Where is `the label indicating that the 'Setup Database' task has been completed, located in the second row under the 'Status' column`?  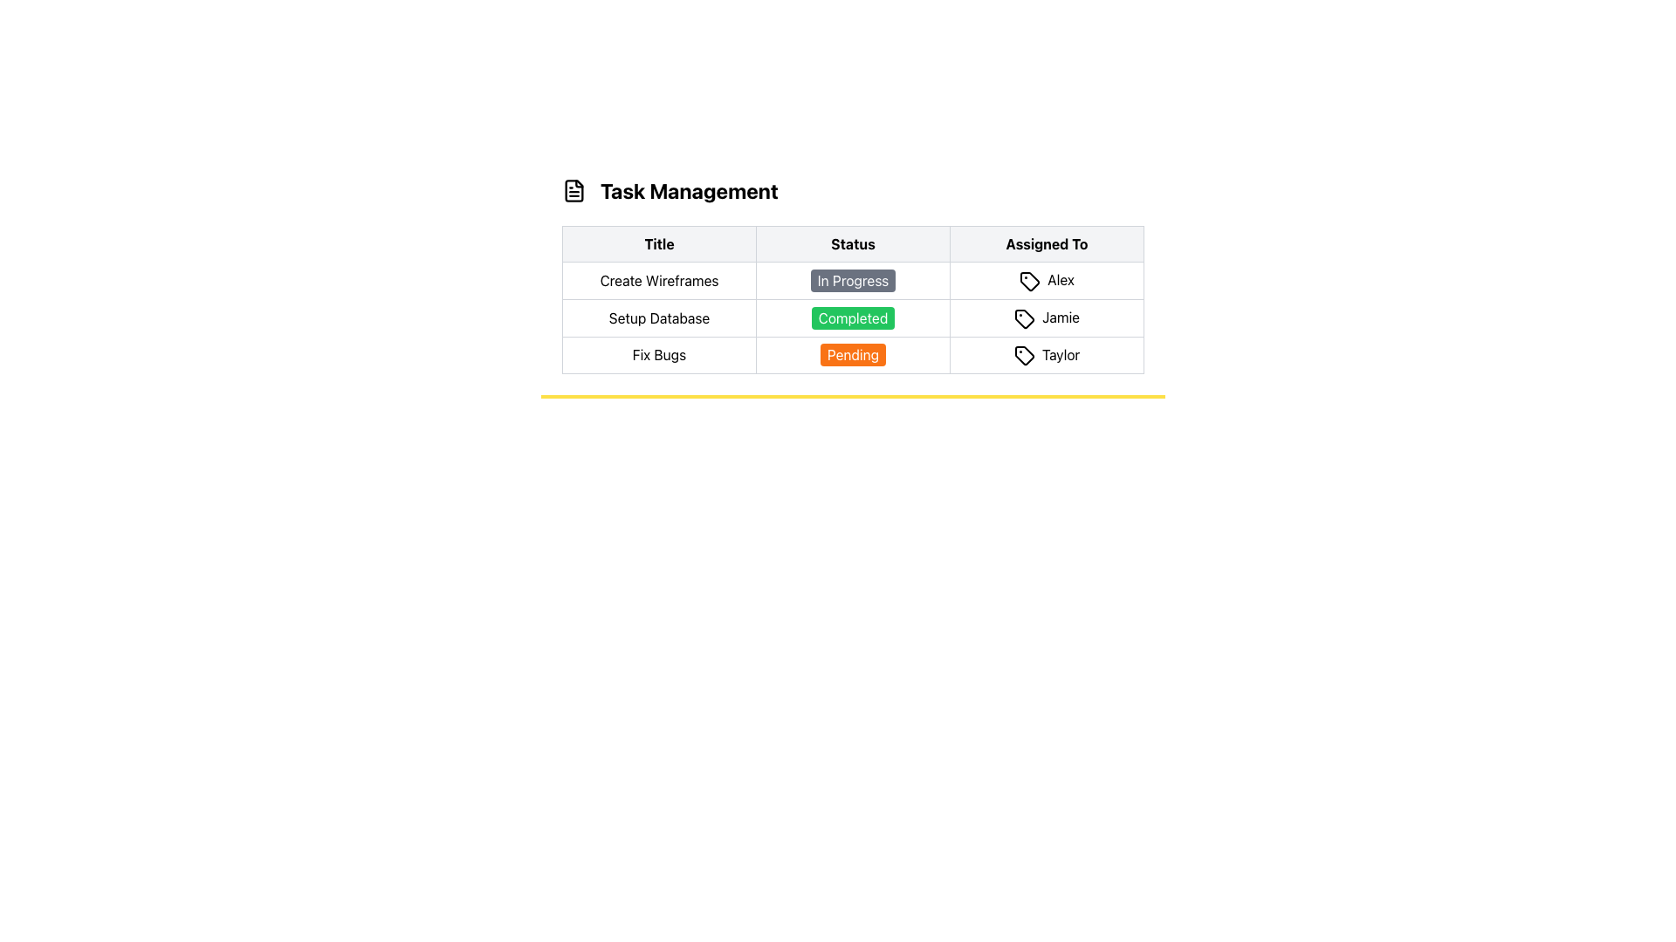
the label indicating that the 'Setup Database' task has been completed, located in the second row under the 'Status' column is located at coordinates (853, 317).